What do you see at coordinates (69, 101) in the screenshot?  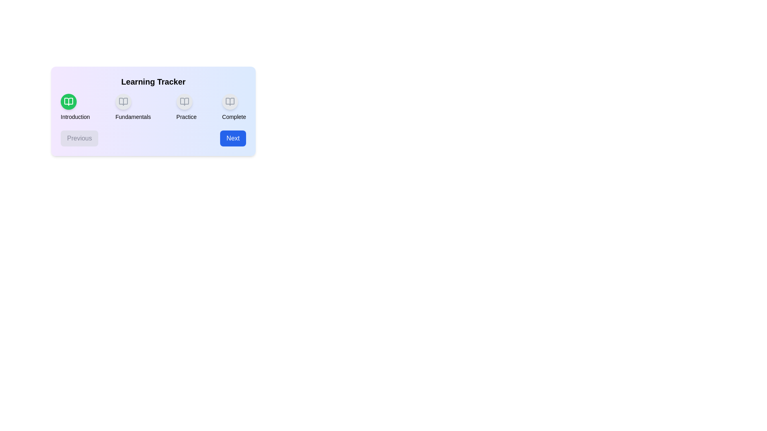 I see `the circular icon with a green background and a white open book symbol, which is the leftmost of four icons at the top of the 'Learning Tracker' card` at bounding box center [69, 101].